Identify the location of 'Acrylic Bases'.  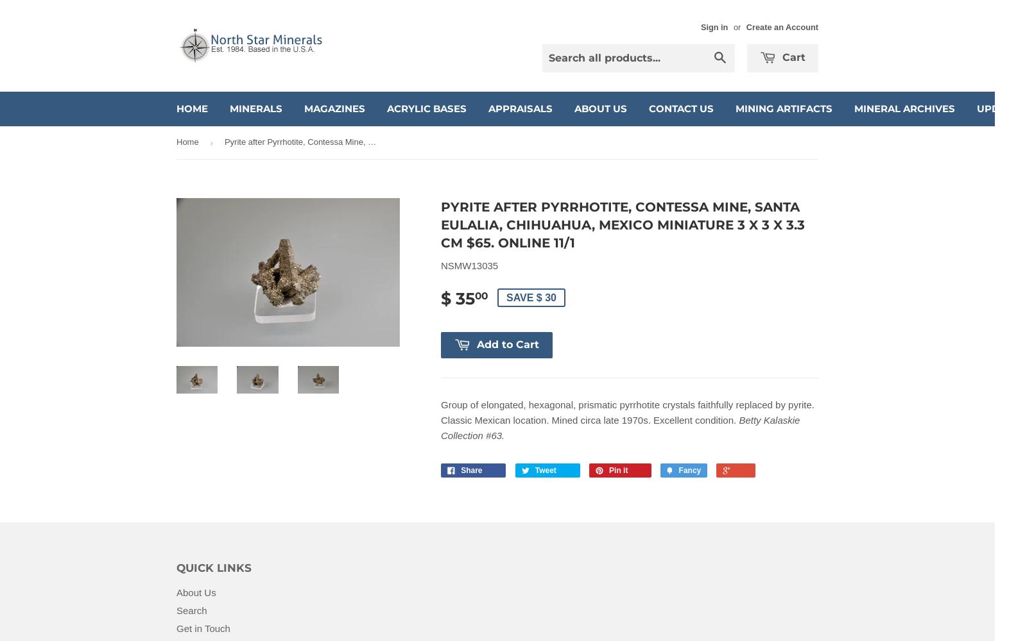
(427, 108).